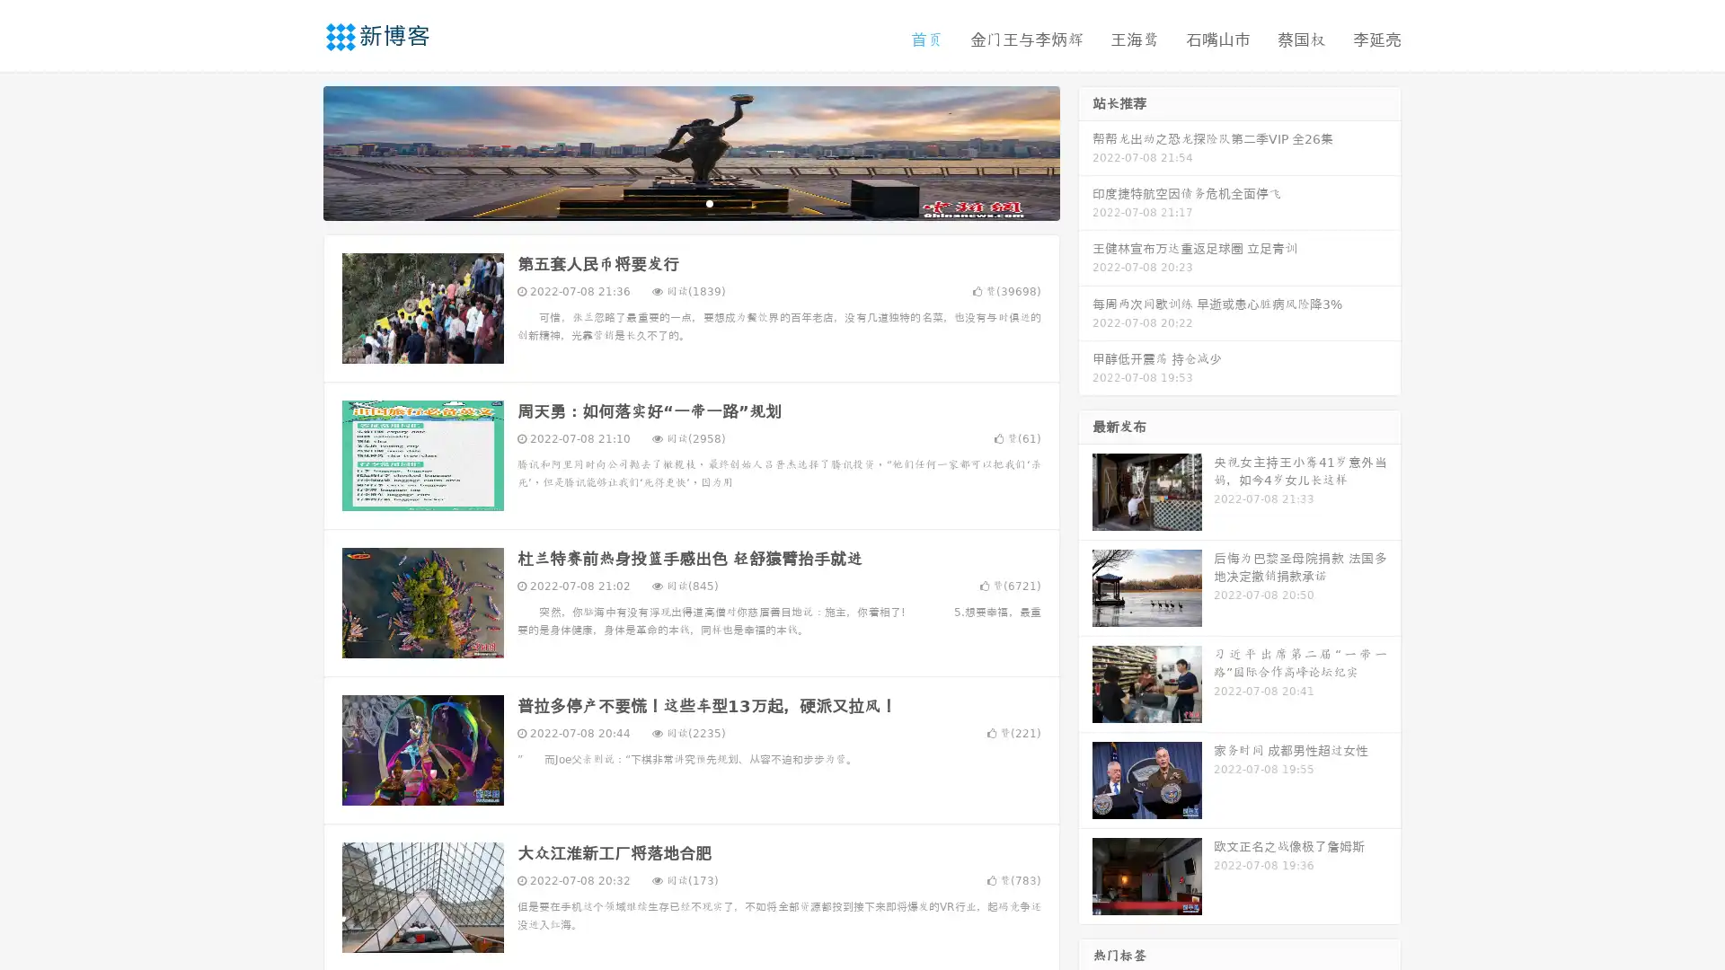  Describe the element at coordinates (296, 151) in the screenshot. I see `Previous slide` at that location.